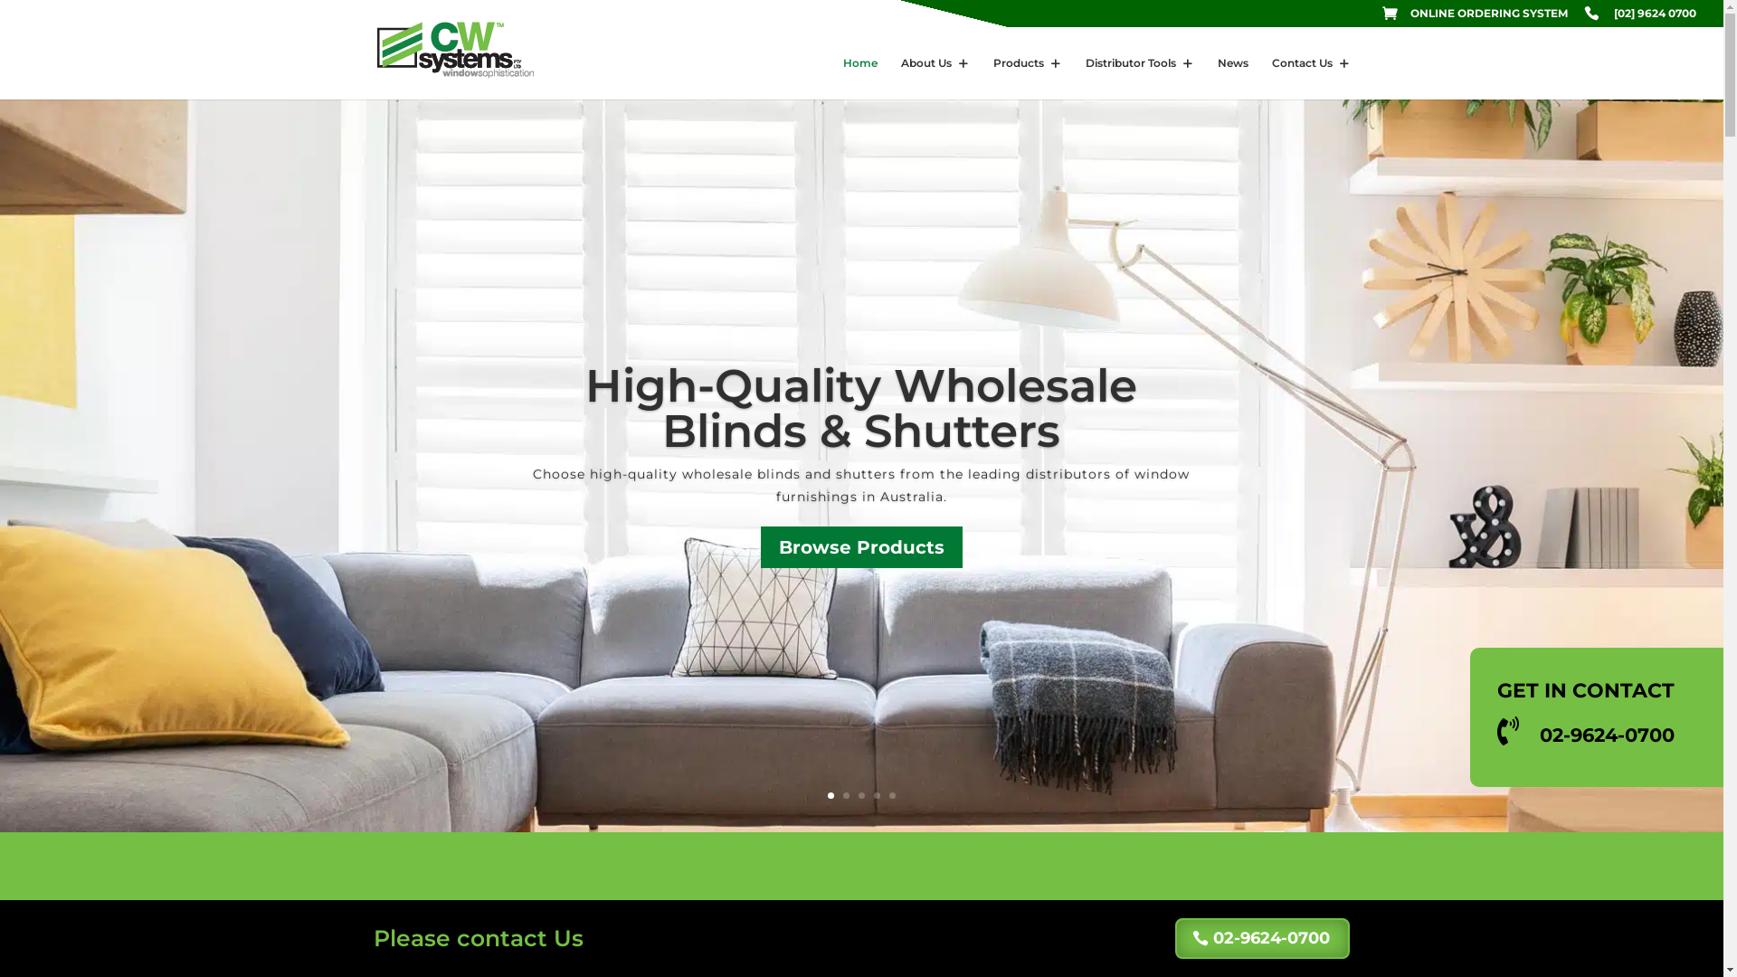 This screenshot has width=1737, height=977. What do you see at coordinates (1583, 17) in the screenshot?
I see `'[02] 9624 0700'` at bounding box center [1583, 17].